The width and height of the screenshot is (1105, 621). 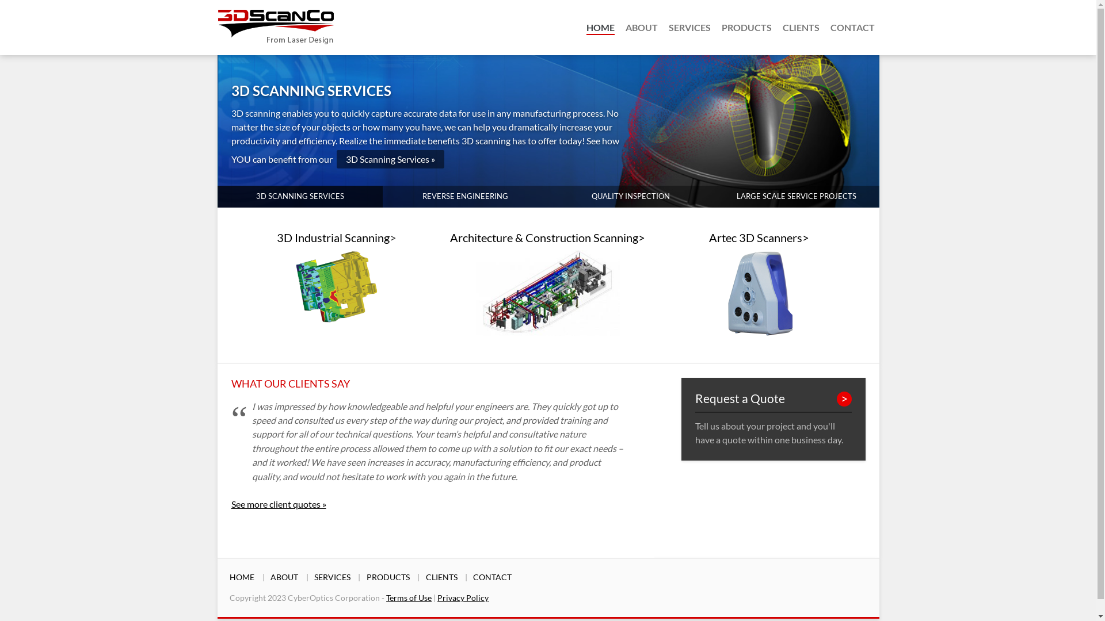 What do you see at coordinates (386, 597) in the screenshot?
I see `'Terms of Use'` at bounding box center [386, 597].